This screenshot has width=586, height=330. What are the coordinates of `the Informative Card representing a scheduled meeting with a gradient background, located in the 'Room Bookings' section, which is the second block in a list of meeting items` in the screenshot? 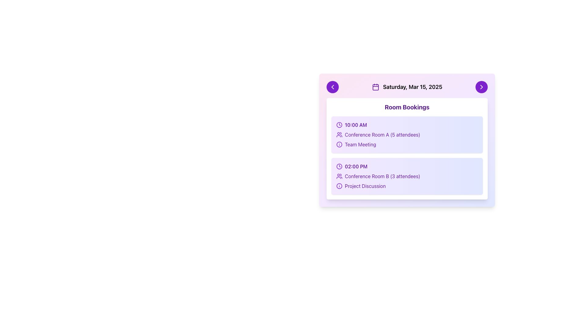 It's located at (407, 176).